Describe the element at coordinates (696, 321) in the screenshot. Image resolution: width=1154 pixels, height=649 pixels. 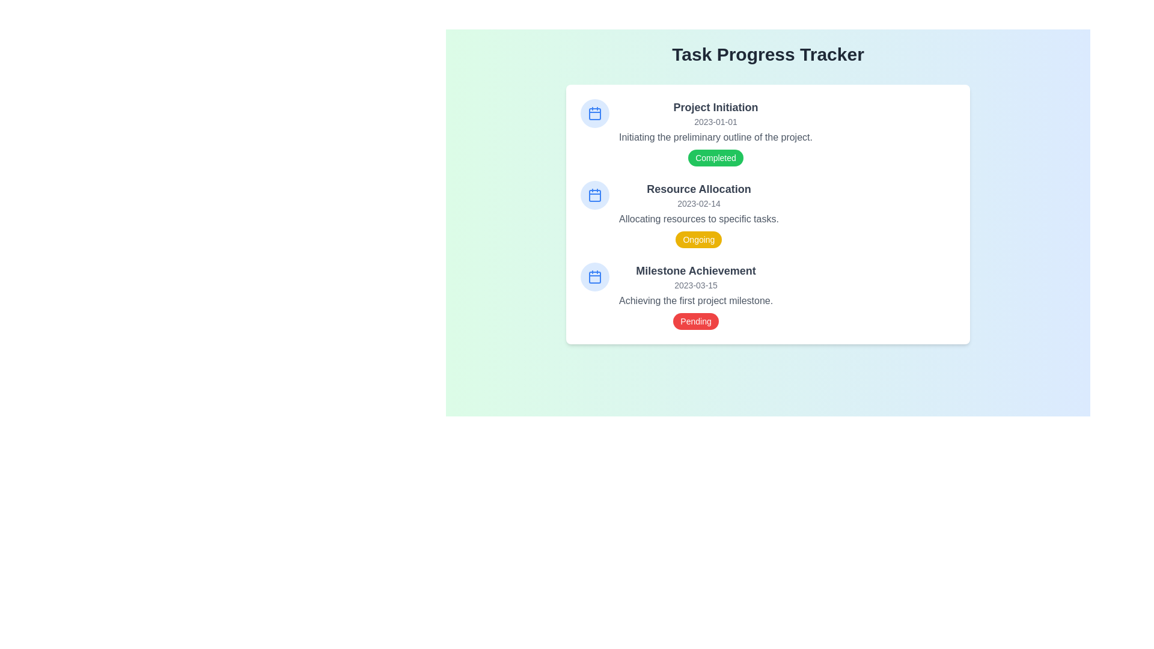
I see `the Status Indicator Badge indicating 'Pending' in the Milestone Achievement section located at the bottom-right corner` at that location.